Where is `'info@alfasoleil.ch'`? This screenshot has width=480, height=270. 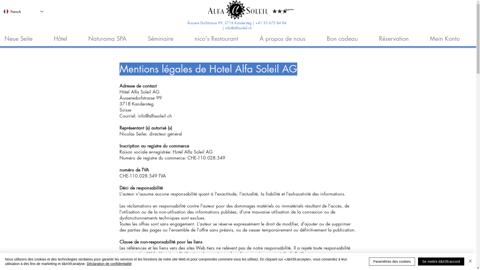
'info@alfasoleil.ch' is located at coordinates (225, 28).